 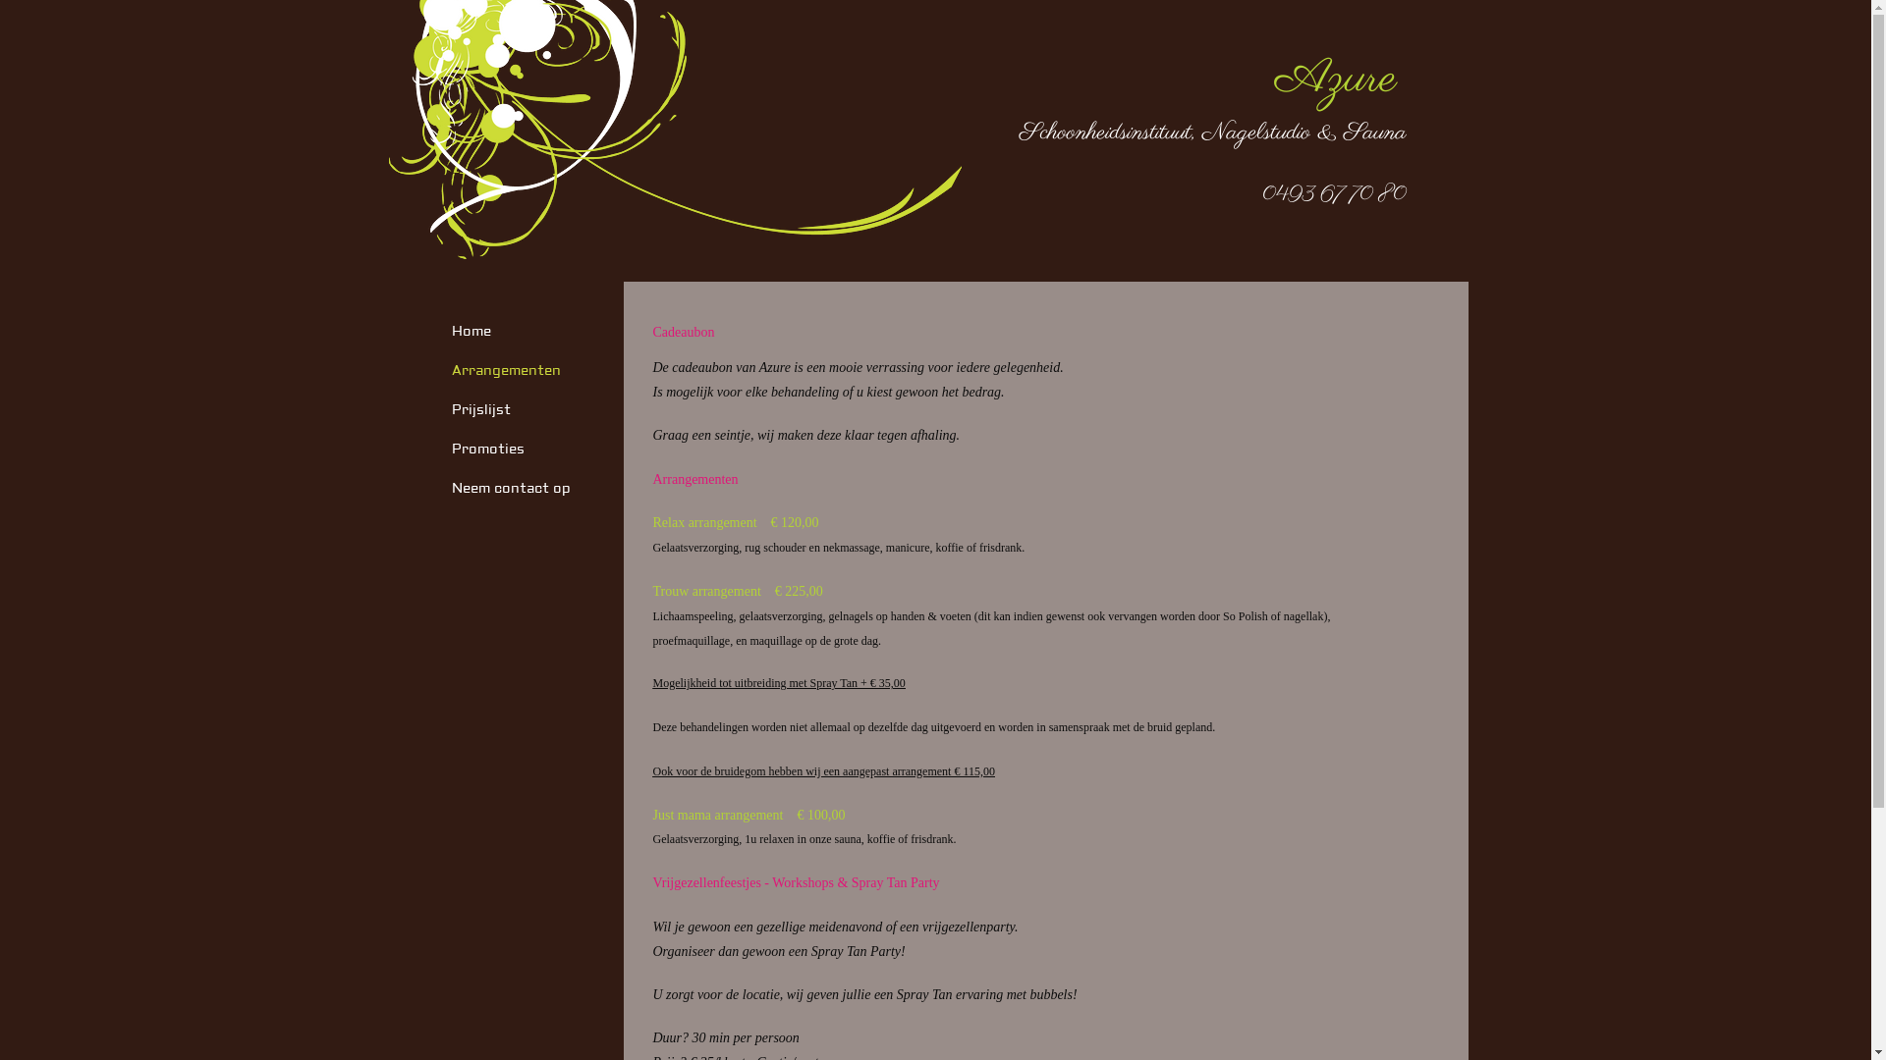 What do you see at coordinates (511, 488) in the screenshot?
I see `'Neem contact op'` at bounding box center [511, 488].